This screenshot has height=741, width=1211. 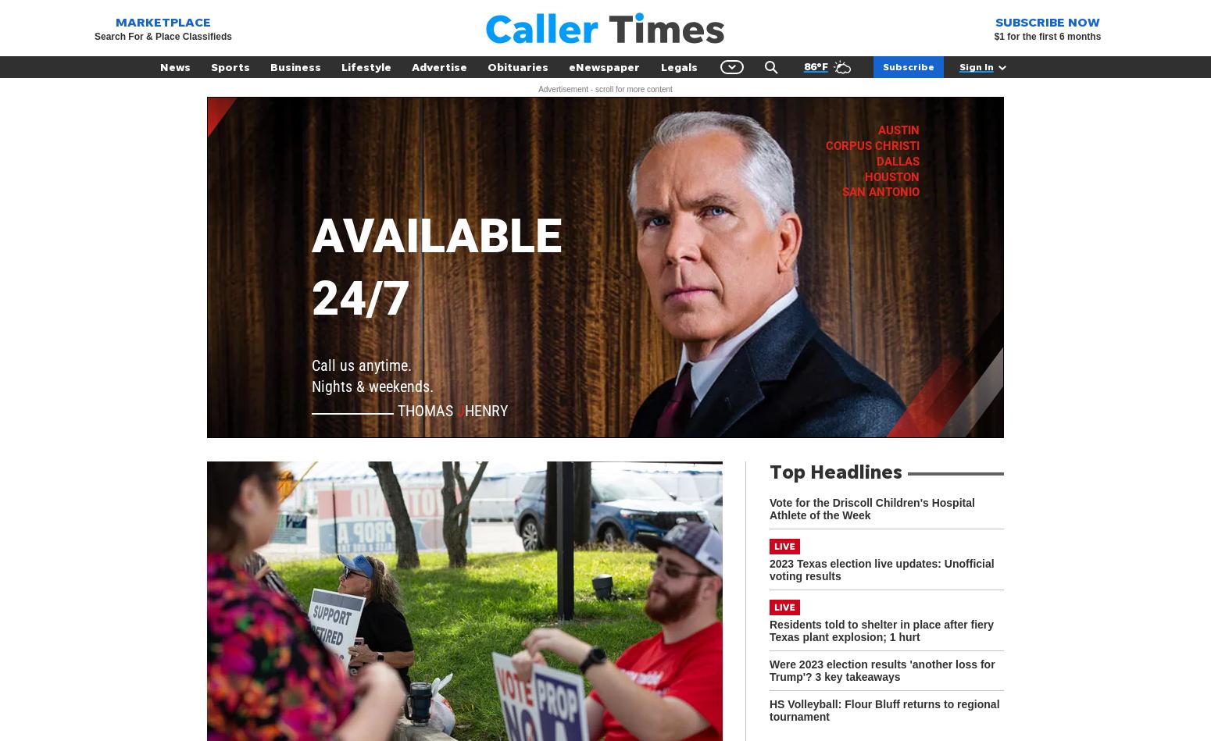 I want to click on 'HS Volleyball: Flour Bluff returns to regional tournament', so click(x=769, y=709).